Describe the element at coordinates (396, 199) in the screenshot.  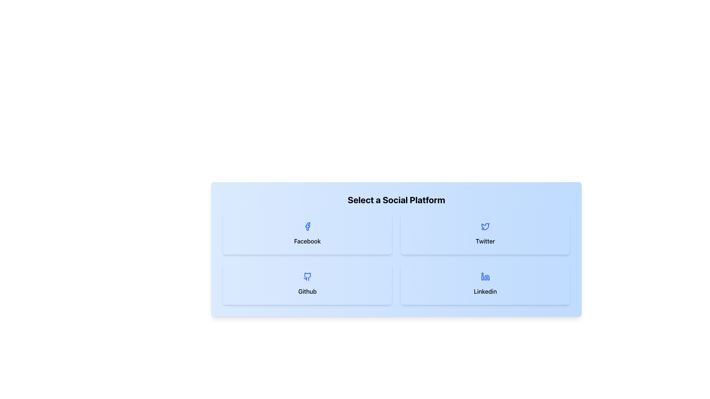
I see `text title located at the top of the section, which provides context for selecting a social platform` at that location.